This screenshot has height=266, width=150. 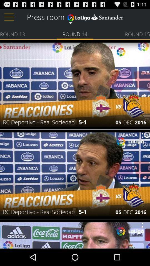 What do you see at coordinates (12, 34) in the screenshot?
I see `item to the left of round 14 icon` at bounding box center [12, 34].